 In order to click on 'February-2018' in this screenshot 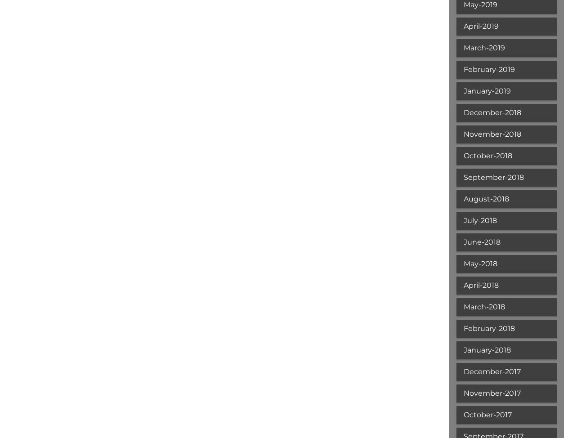, I will do `click(463, 328)`.